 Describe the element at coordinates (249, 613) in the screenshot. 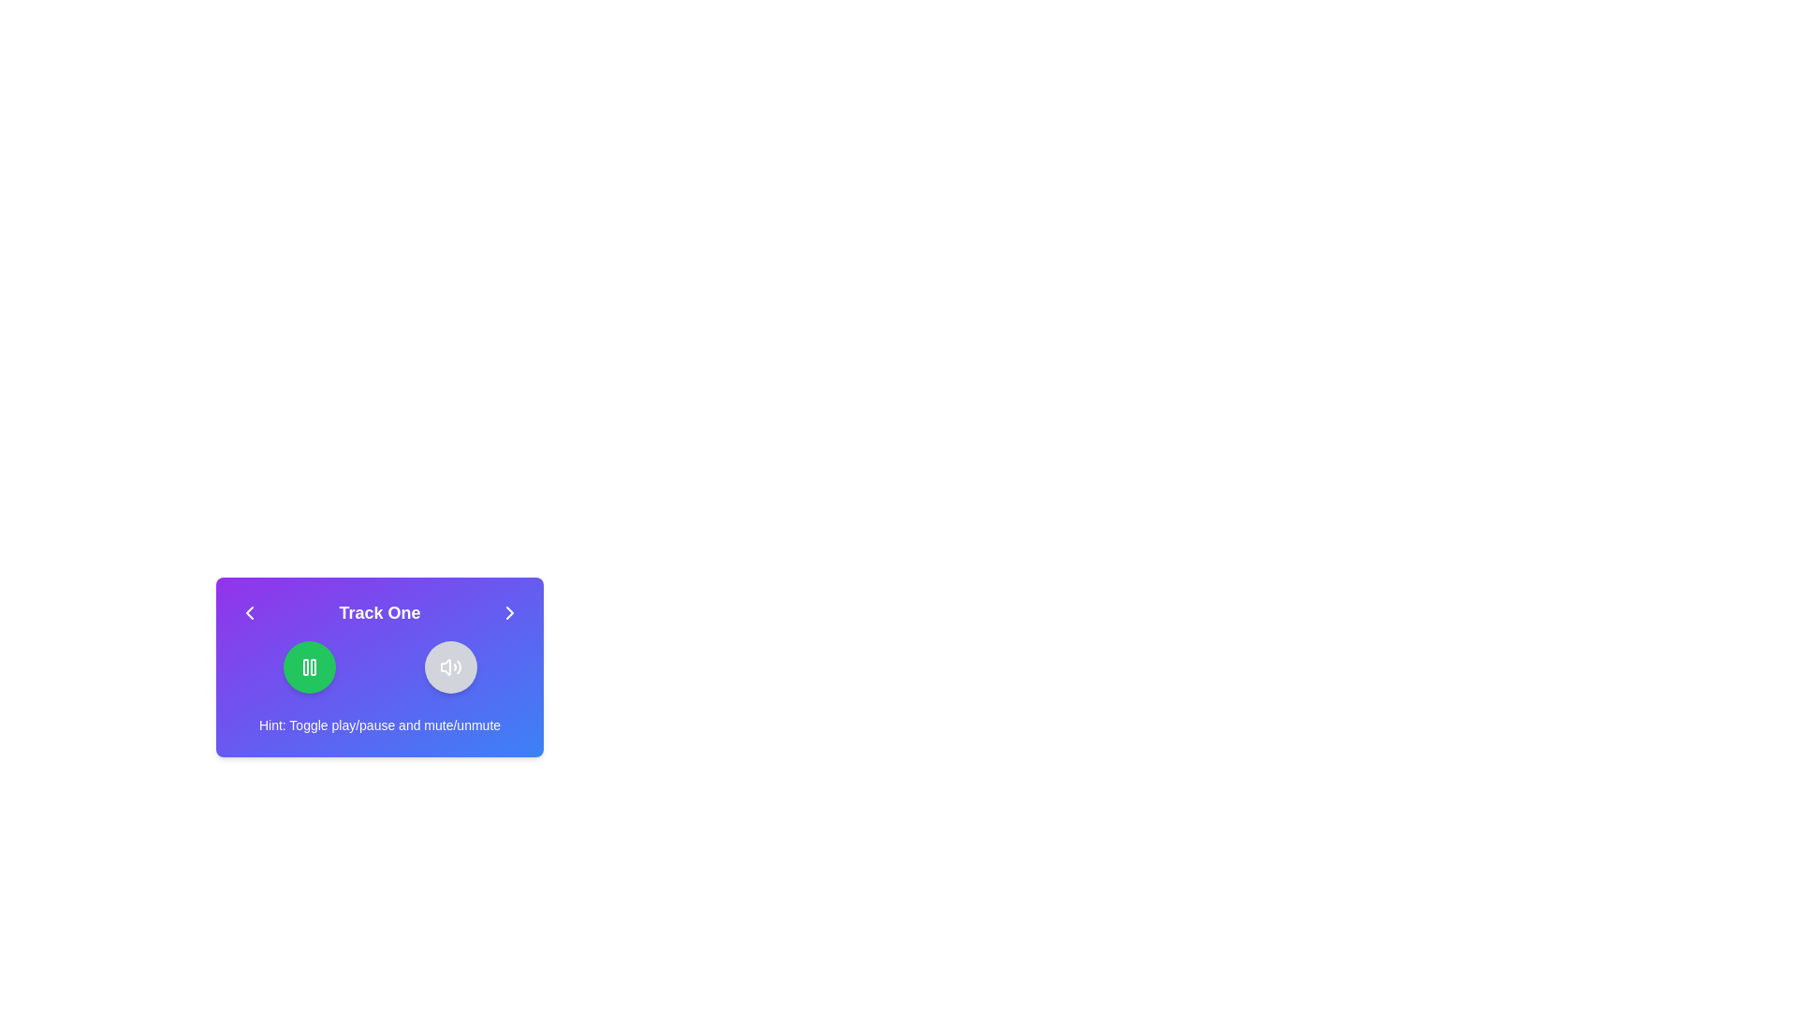

I see `the left-pointing chevron icon located in the header section of the player interface` at that location.